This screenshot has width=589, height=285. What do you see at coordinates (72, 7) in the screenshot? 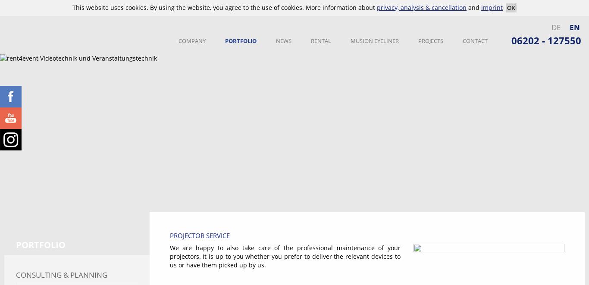
I see `'This website uses cookies. By using the website, you agree to the use of cookies. More information about'` at bounding box center [72, 7].